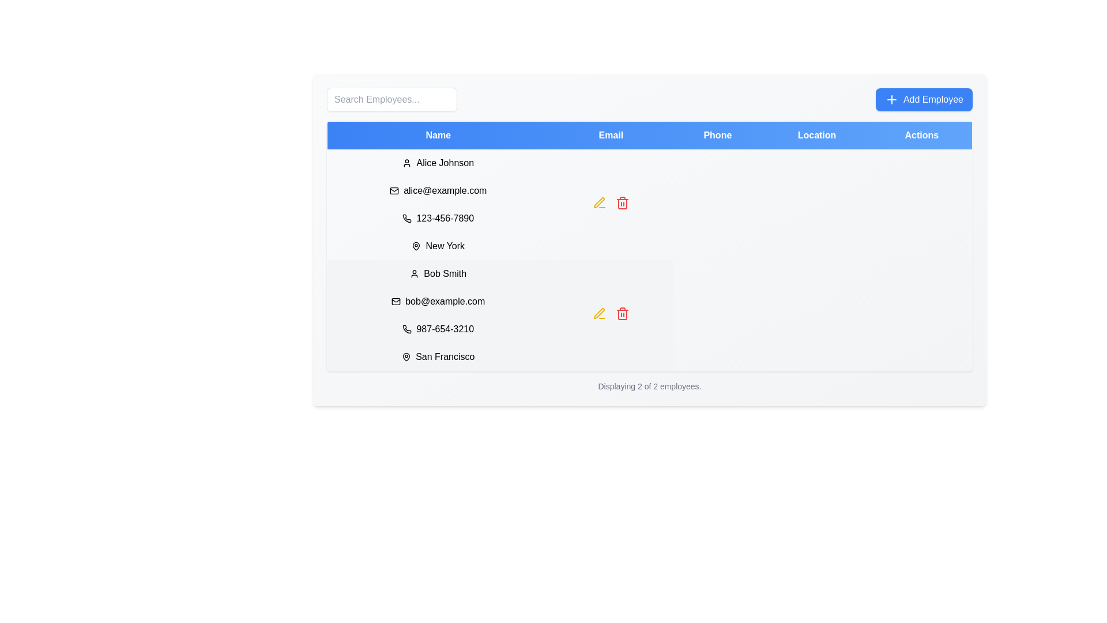 The image size is (1107, 623). I want to click on the phone icon located to the left of the phone number '123-456-7890' associated with 'Alice Johnson' in the employee table, so click(407, 218).